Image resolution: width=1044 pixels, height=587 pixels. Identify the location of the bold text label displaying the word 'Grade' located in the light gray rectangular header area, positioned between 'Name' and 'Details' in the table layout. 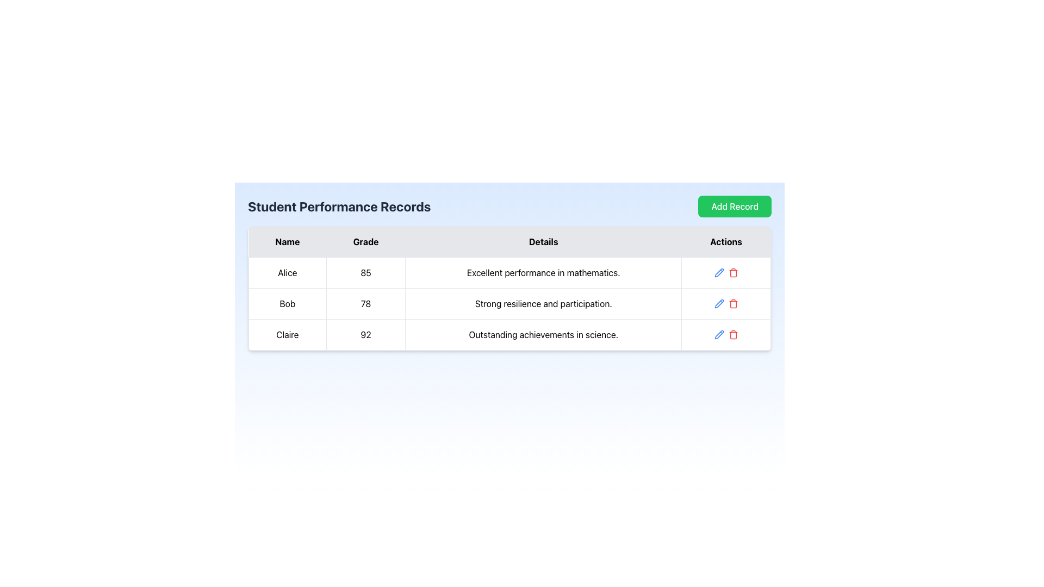
(366, 241).